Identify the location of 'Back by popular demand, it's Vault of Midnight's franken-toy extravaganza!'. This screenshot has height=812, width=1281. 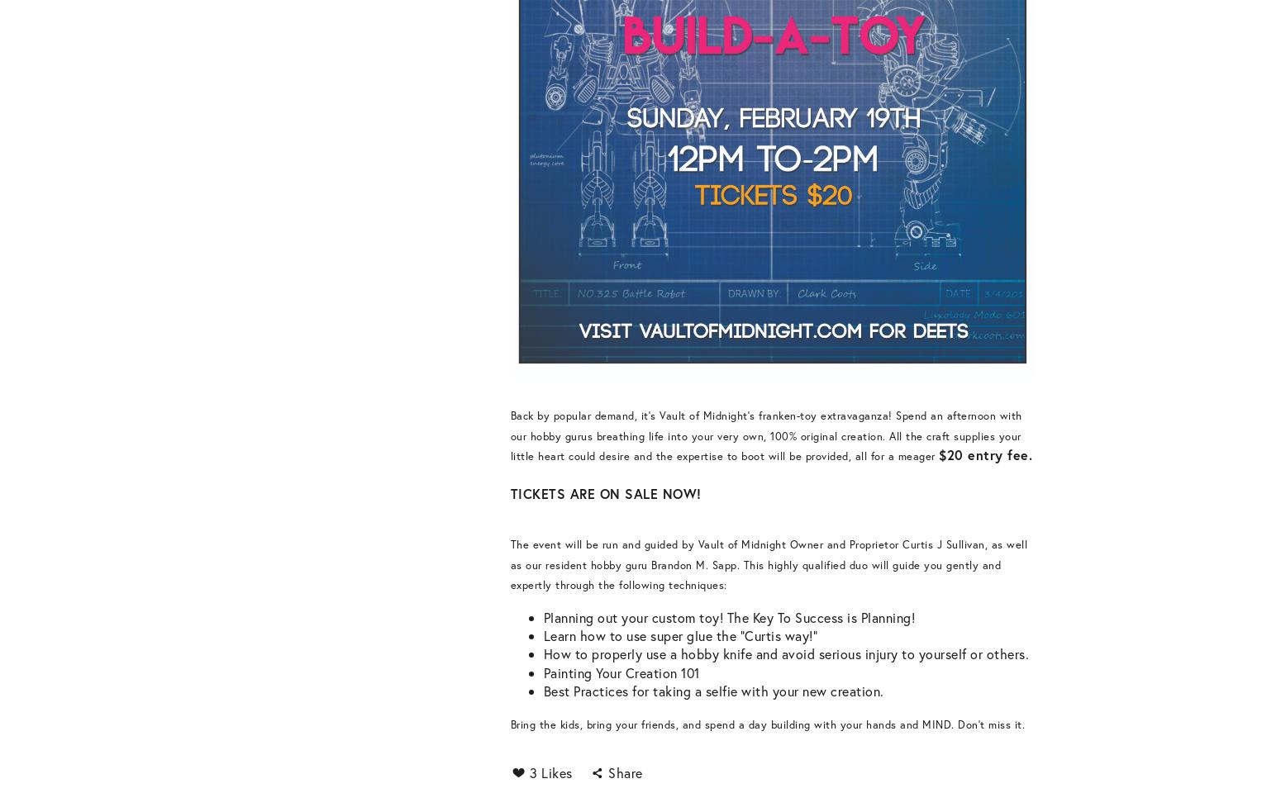
(510, 415).